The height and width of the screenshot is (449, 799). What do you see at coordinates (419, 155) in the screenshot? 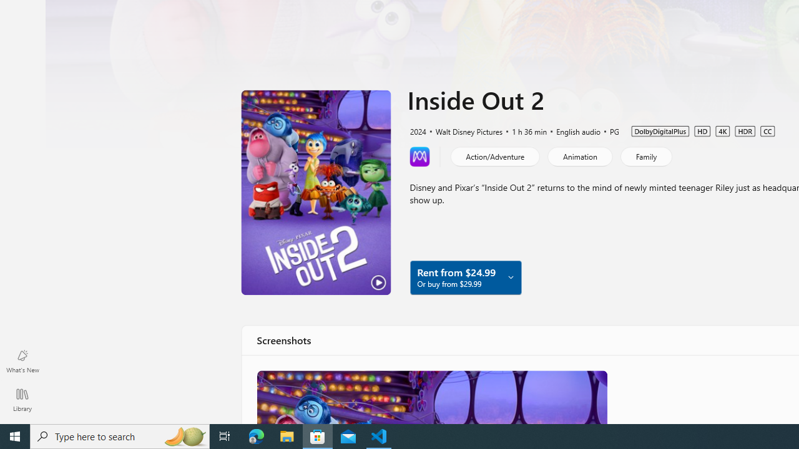
I see `'Learn more about Movies Anywhere'` at bounding box center [419, 155].